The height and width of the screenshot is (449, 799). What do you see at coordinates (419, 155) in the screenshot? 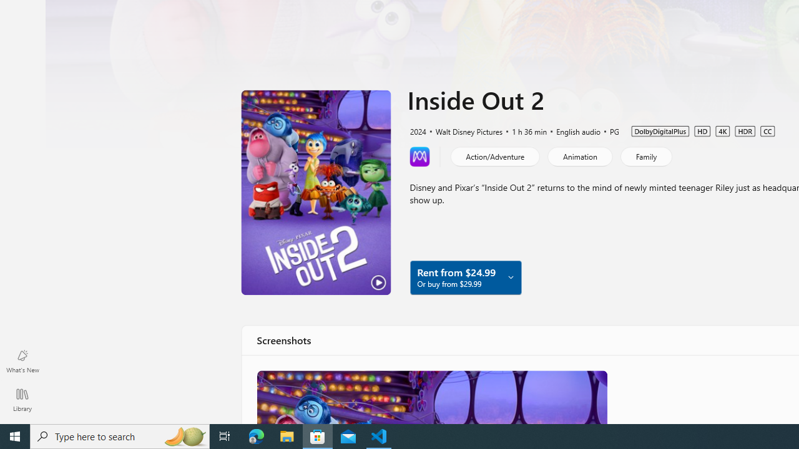
I see `'Learn more about Movies Anywhere'` at bounding box center [419, 155].